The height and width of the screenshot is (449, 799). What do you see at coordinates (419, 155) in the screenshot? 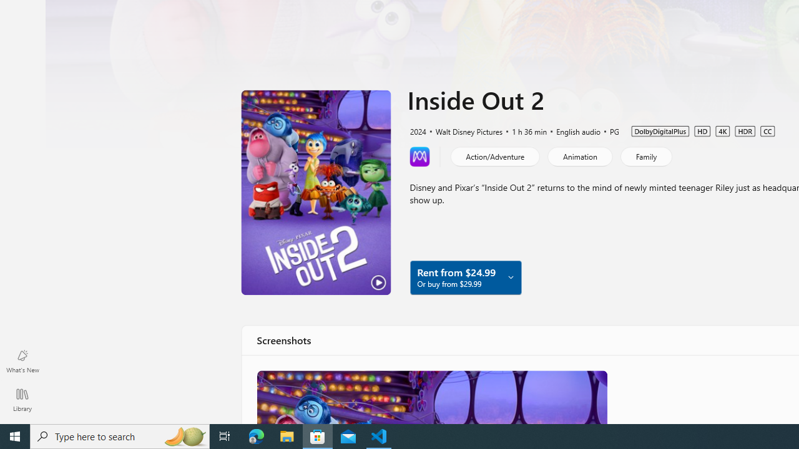
I see `'Learn more about Movies Anywhere'` at bounding box center [419, 155].